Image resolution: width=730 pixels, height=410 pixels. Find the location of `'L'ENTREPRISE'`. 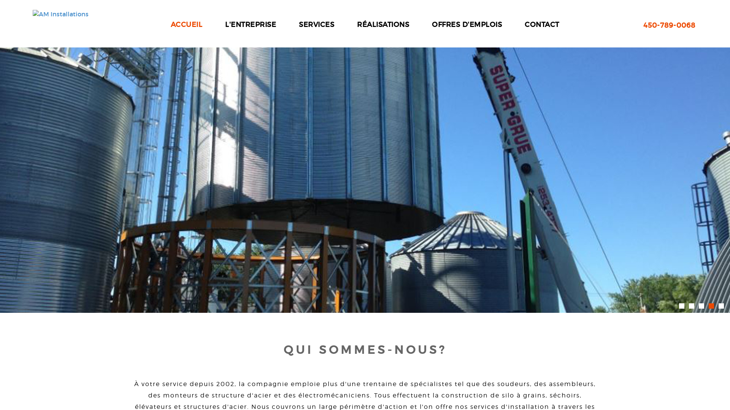

'L'ENTREPRISE' is located at coordinates (250, 24).